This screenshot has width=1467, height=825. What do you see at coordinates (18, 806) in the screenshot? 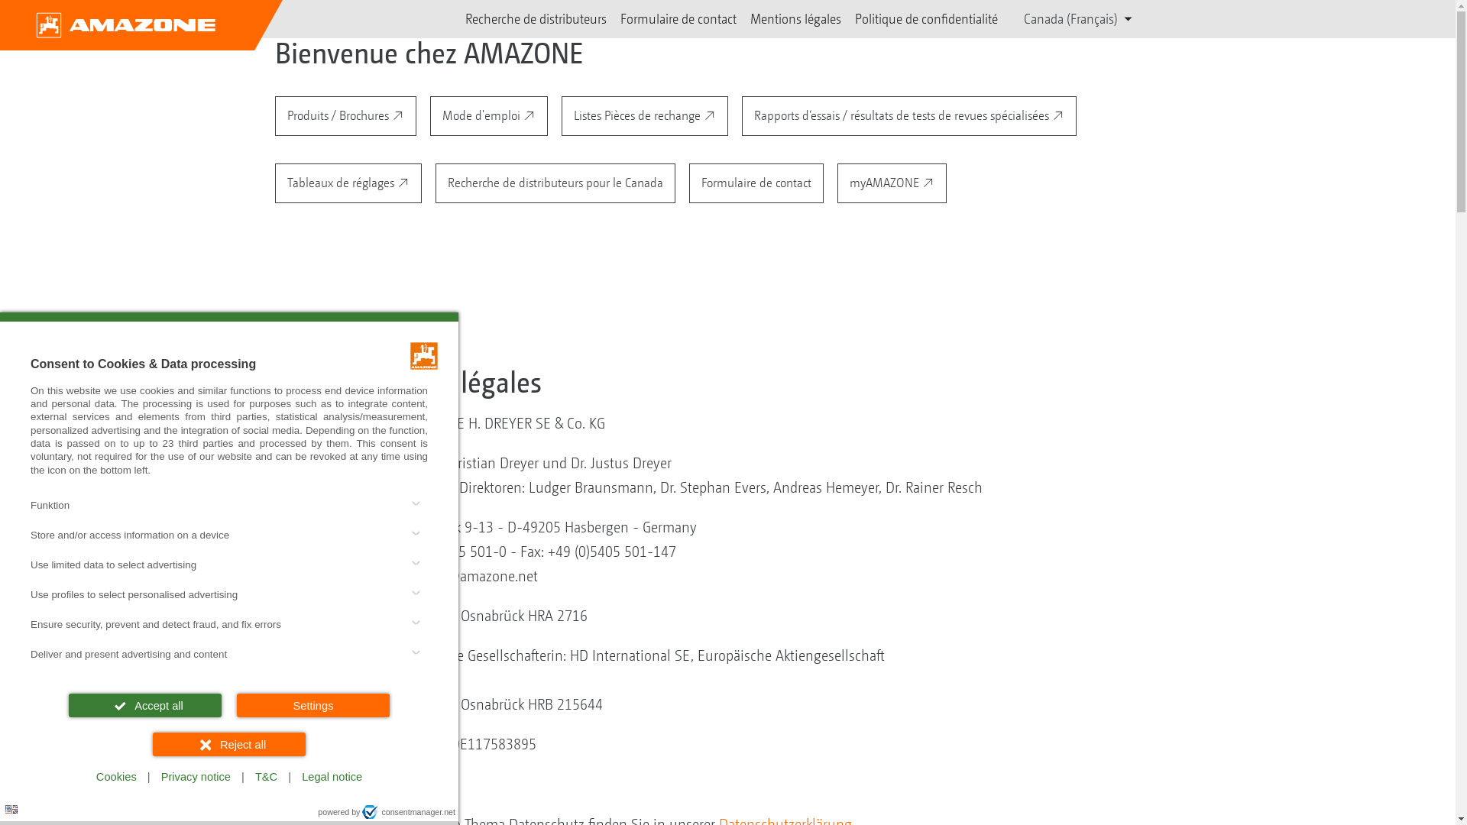
I see `'Privacy settings'` at bounding box center [18, 806].